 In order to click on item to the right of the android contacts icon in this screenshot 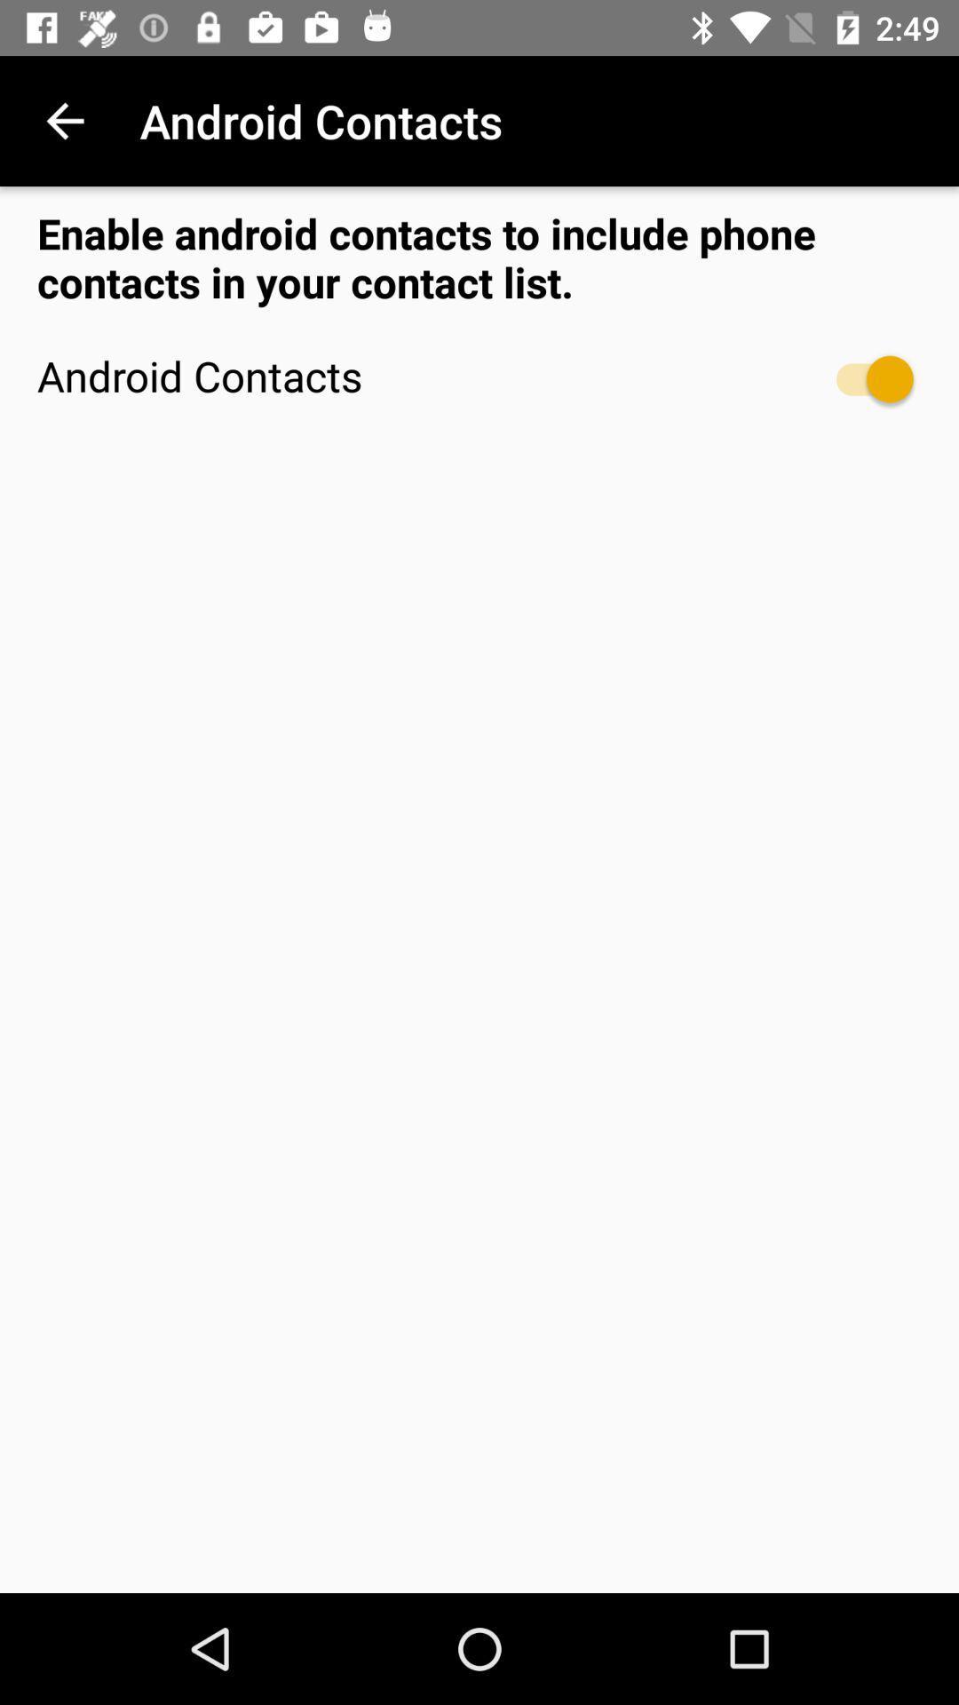, I will do `click(865, 378)`.